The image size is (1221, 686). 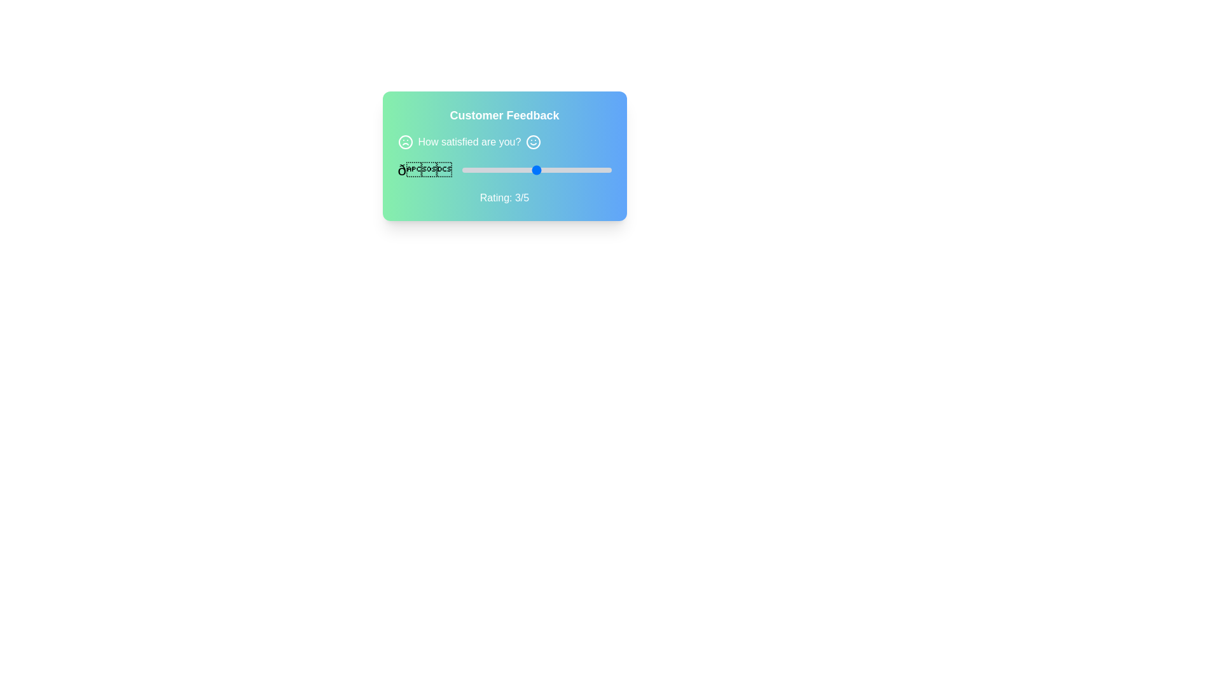 I want to click on text content of the TextPrompt located near the top-center of the feedback interface, preceded by 'Customer Feedback', so click(x=504, y=142).